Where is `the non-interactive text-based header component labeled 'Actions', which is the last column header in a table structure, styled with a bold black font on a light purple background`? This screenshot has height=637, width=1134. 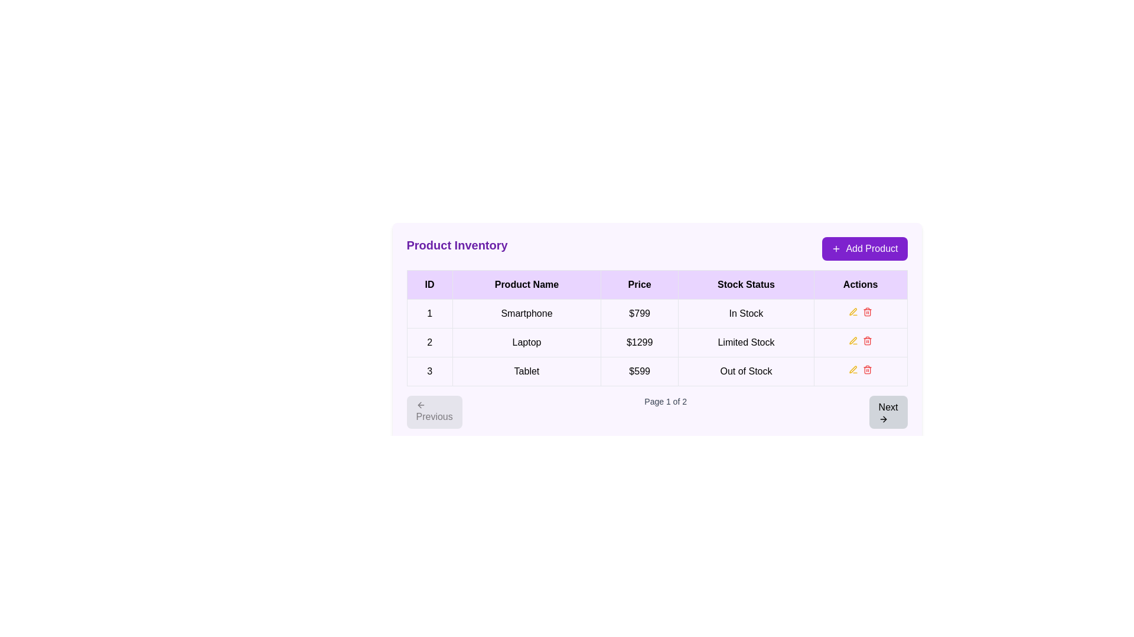
the non-interactive text-based header component labeled 'Actions', which is the last column header in a table structure, styled with a bold black font on a light purple background is located at coordinates (861, 284).